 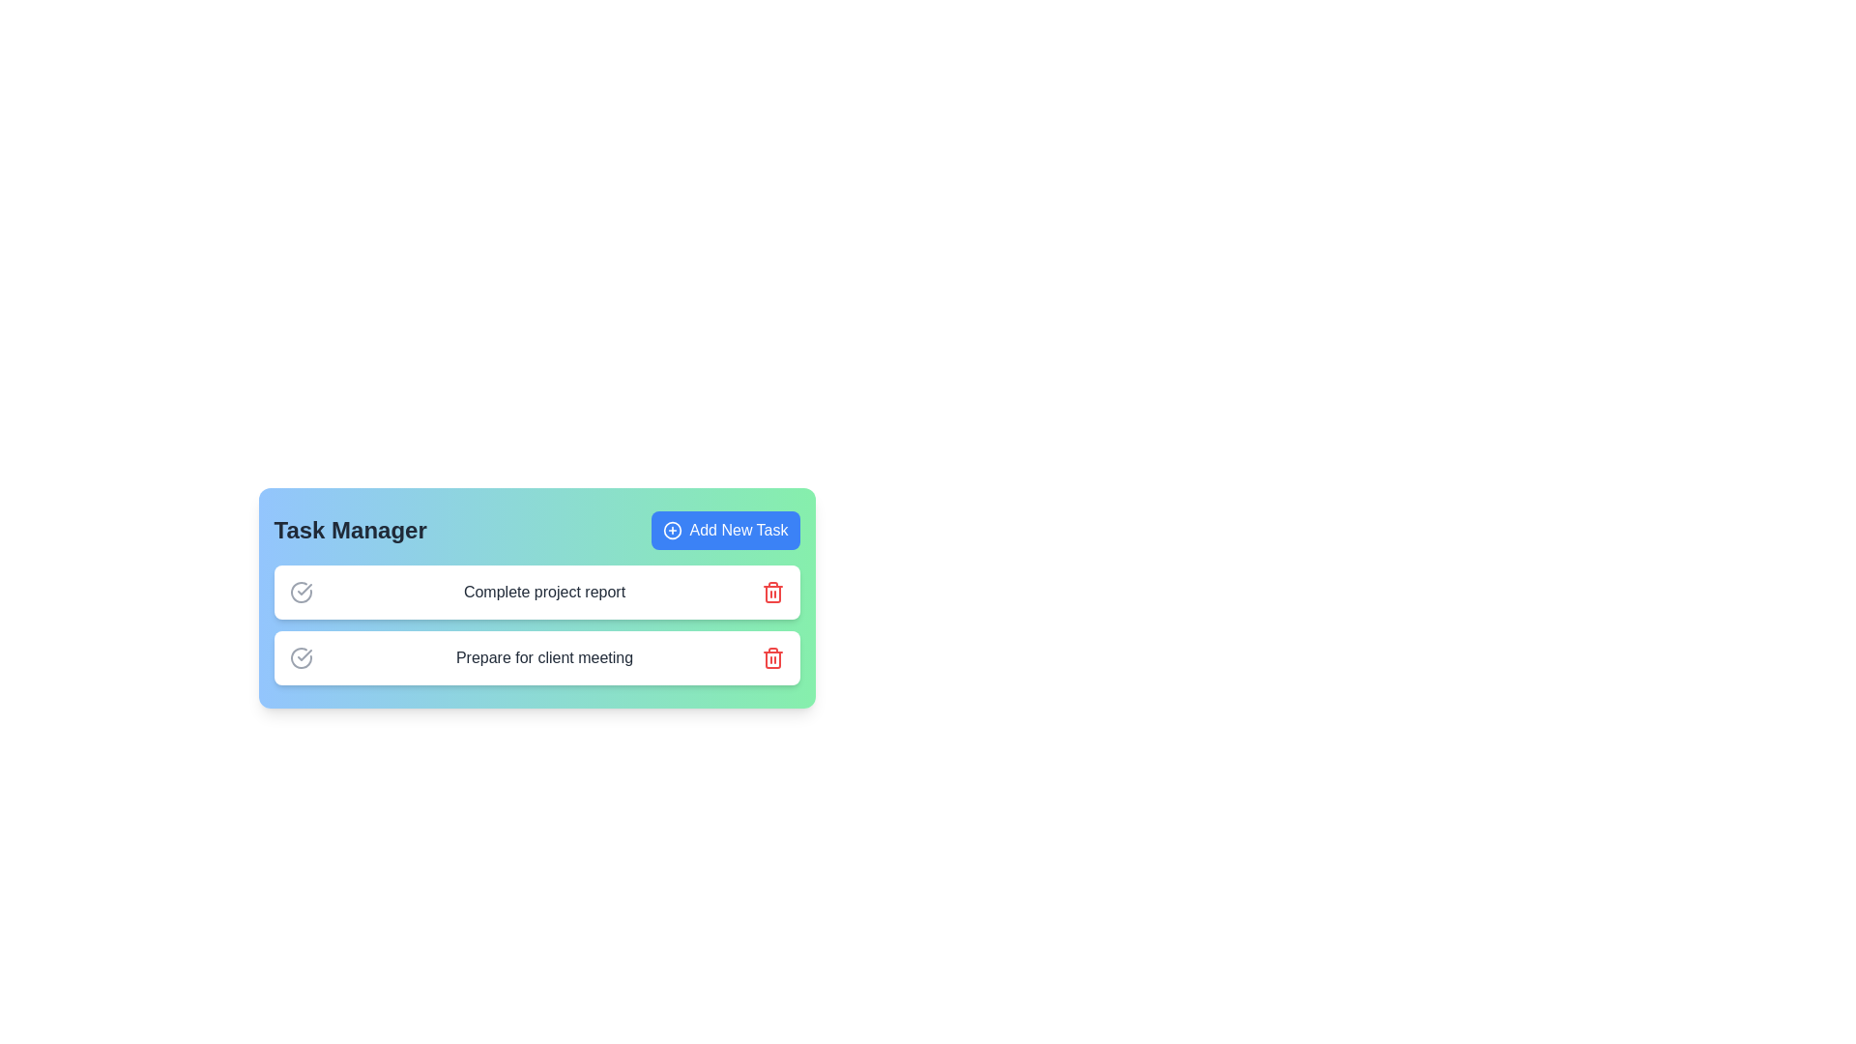 I want to click on the circular button icon located in the top-right corner of the task management interface, so click(x=672, y=530).